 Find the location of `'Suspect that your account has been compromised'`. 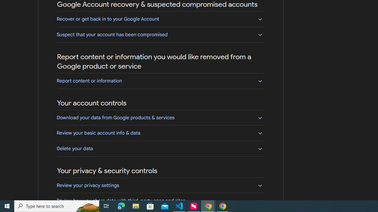

'Suspect that your account has been compromised' is located at coordinates (160, 34).